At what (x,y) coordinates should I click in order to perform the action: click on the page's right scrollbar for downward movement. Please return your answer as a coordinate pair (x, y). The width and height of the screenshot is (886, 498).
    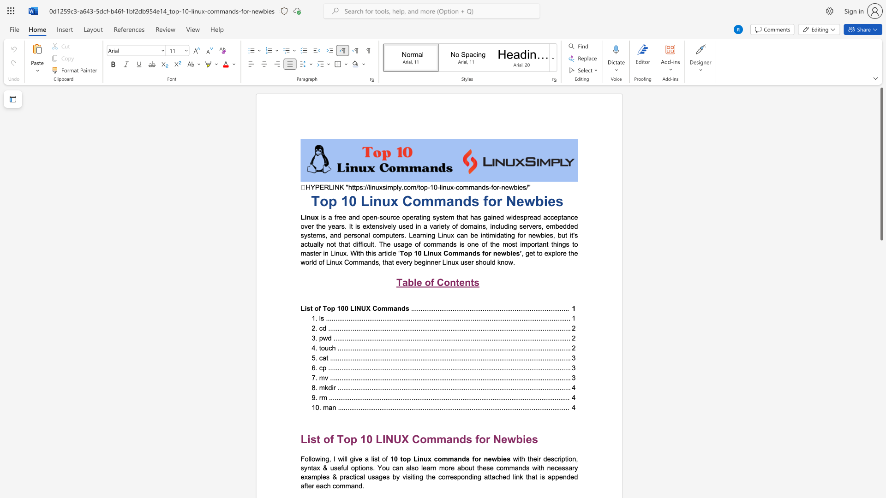
    Looking at the image, I should click on (881, 332).